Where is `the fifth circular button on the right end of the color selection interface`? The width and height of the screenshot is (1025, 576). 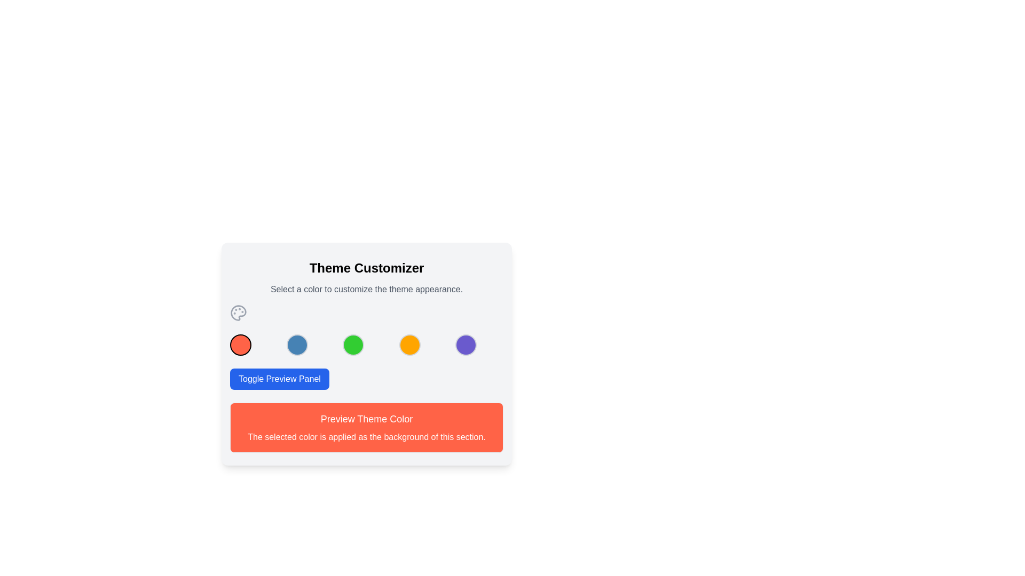
the fifth circular button on the right end of the color selection interface is located at coordinates (466, 345).